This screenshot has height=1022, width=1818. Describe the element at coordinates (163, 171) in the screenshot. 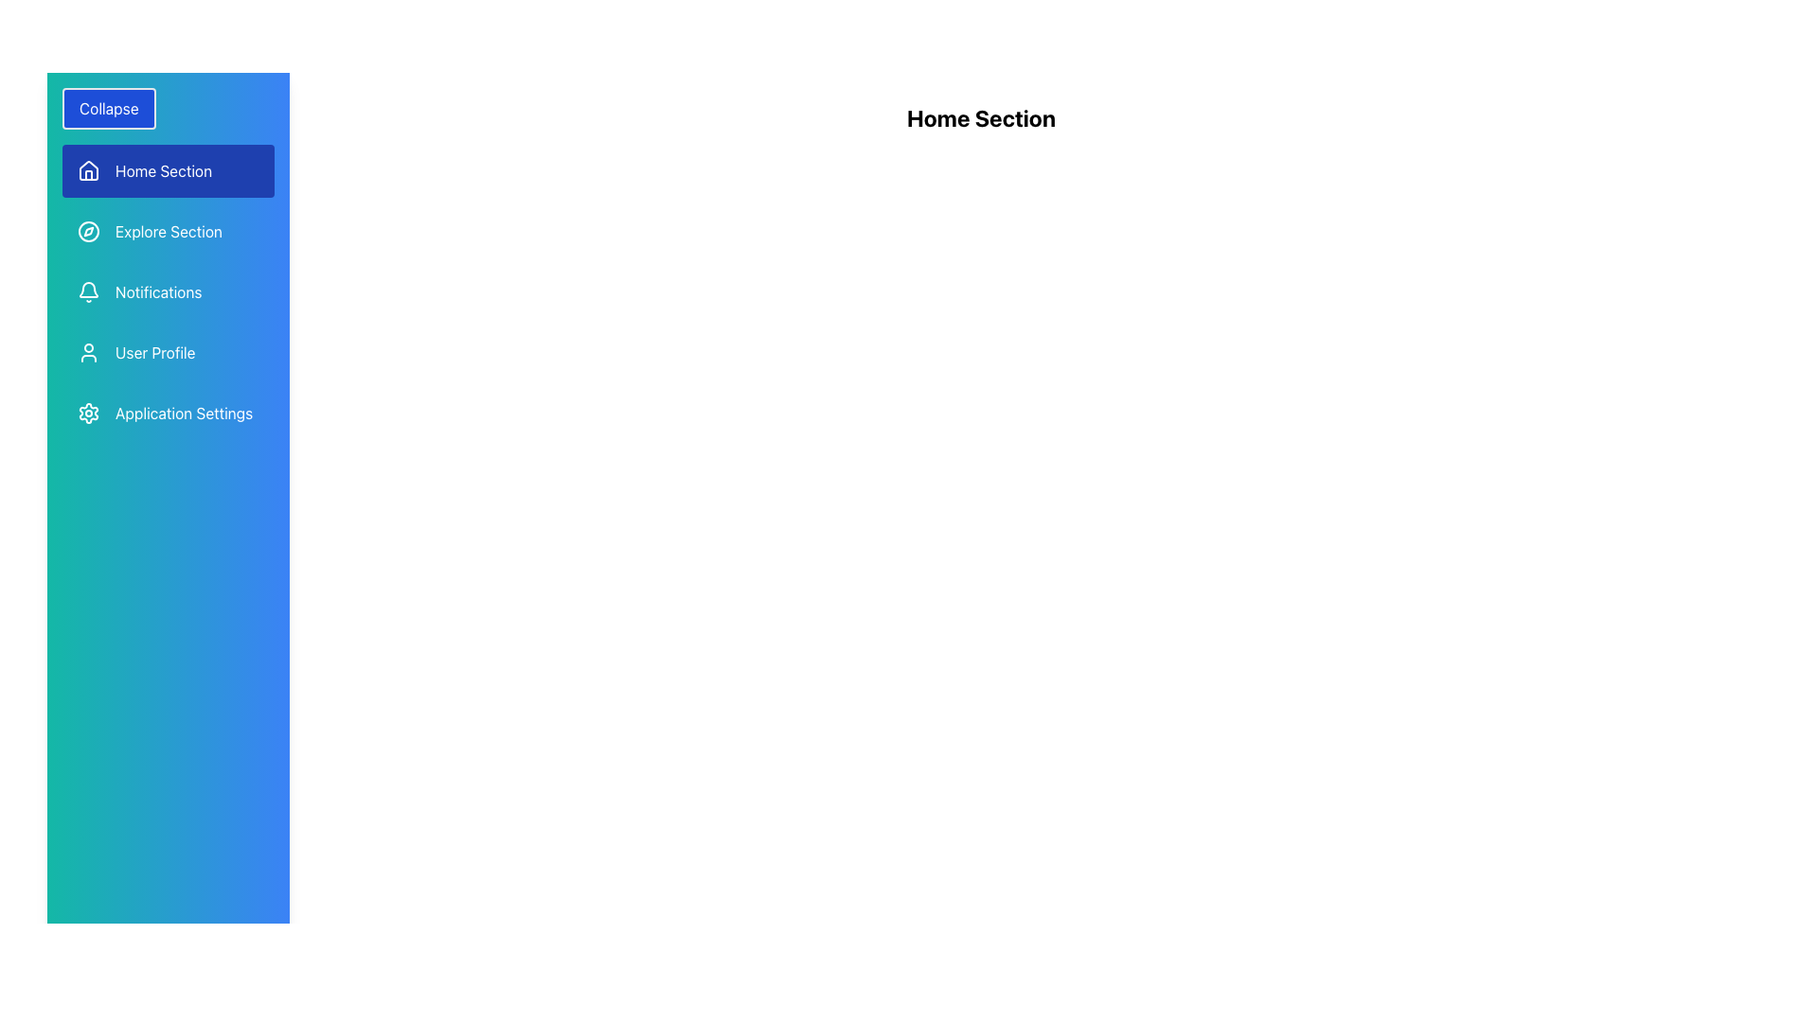

I see `the 'Home Section' menu item` at that location.